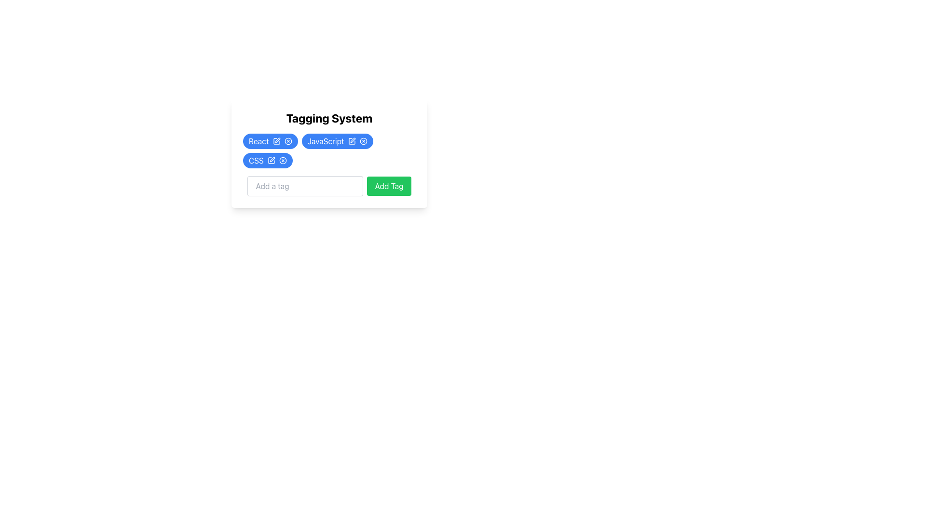 The height and width of the screenshot is (521, 926). Describe the element at coordinates (326, 141) in the screenshot. I see `the 'JavaScript' tag element, which is the second tag in a vertical list, located in the center of its capsule layout, adjacent to an edit icon and a remove icon` at that location.